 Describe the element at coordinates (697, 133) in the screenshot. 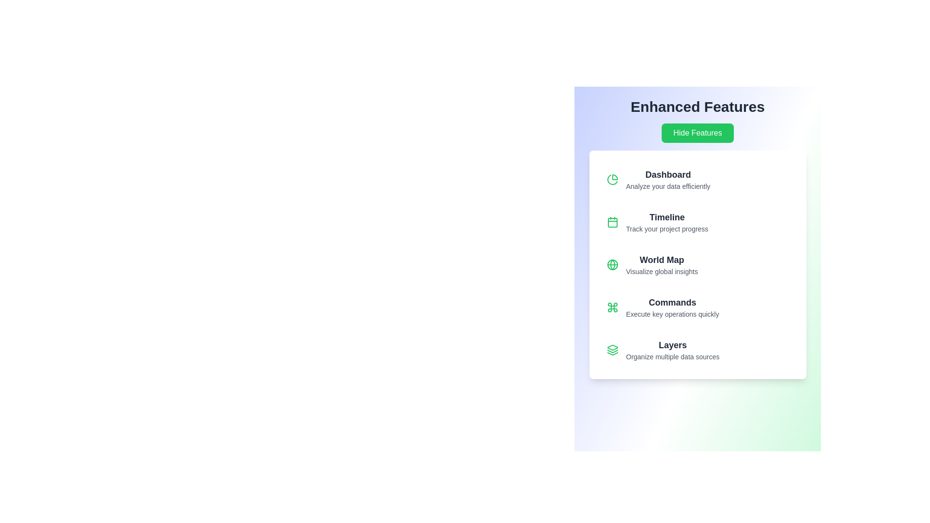

I see `'Hide Features' button to toggle the menu visibility` at that location.